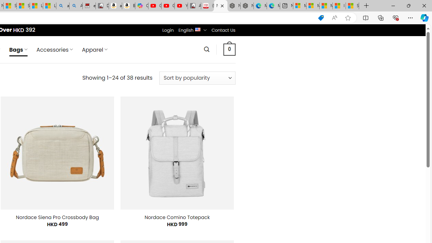 The image size is (432, 243). What do you see at coordinates (348, 18) in the screenshot?
I see `'Add this page to favorites (Ctrl+D)'` at bounding box center [348, 18].